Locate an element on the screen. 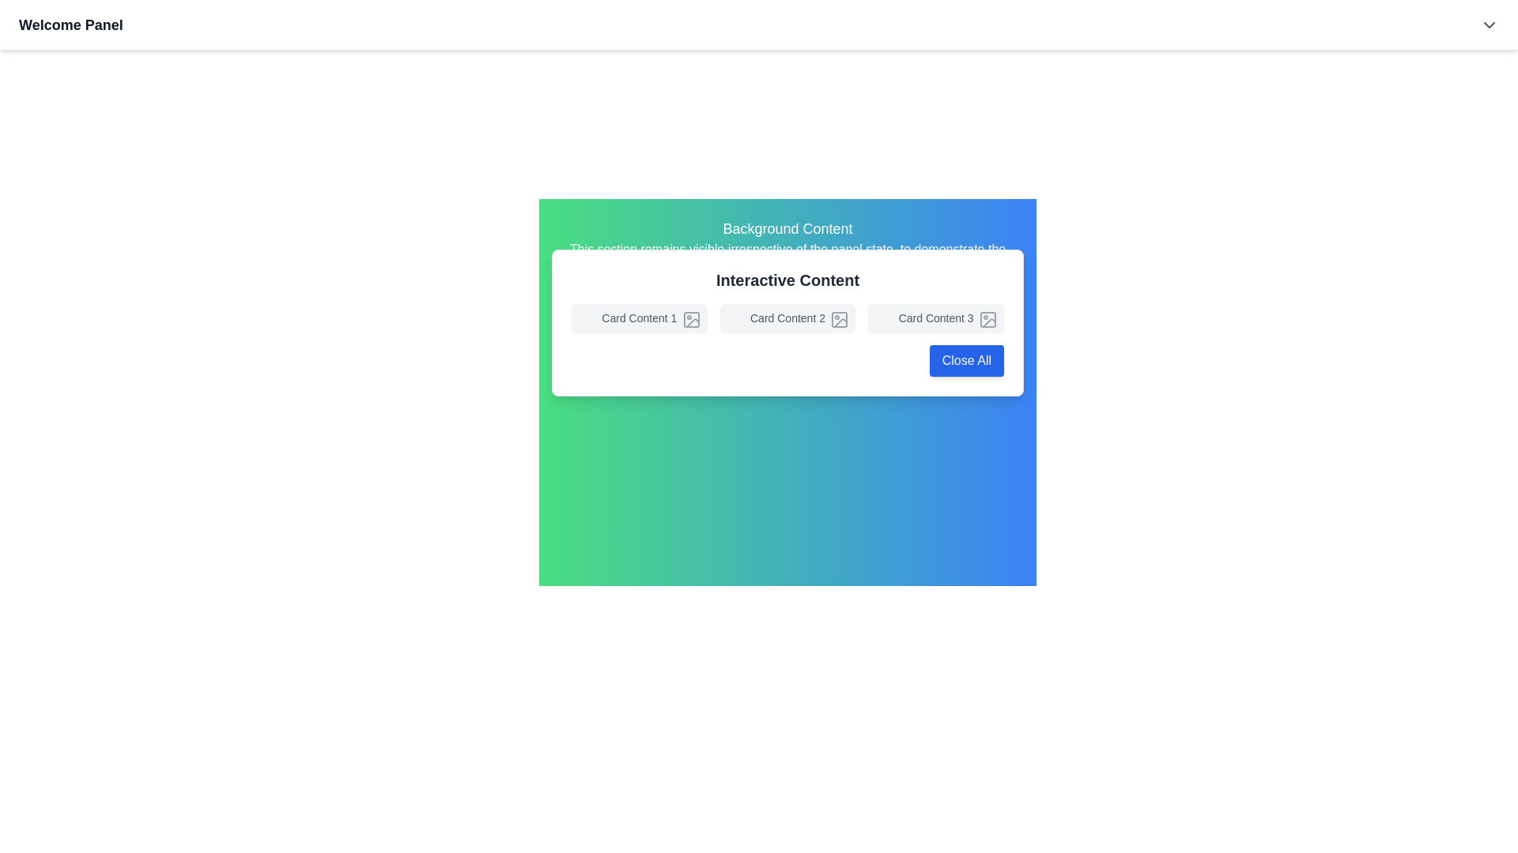 This screenshot has width=1518, height=853. the decorative graphical UI element, which is a rounded rectangular shape with light gray tone, located to the right of the text 'Card Content 1' in the modal window is located at coordinates (691, 320).